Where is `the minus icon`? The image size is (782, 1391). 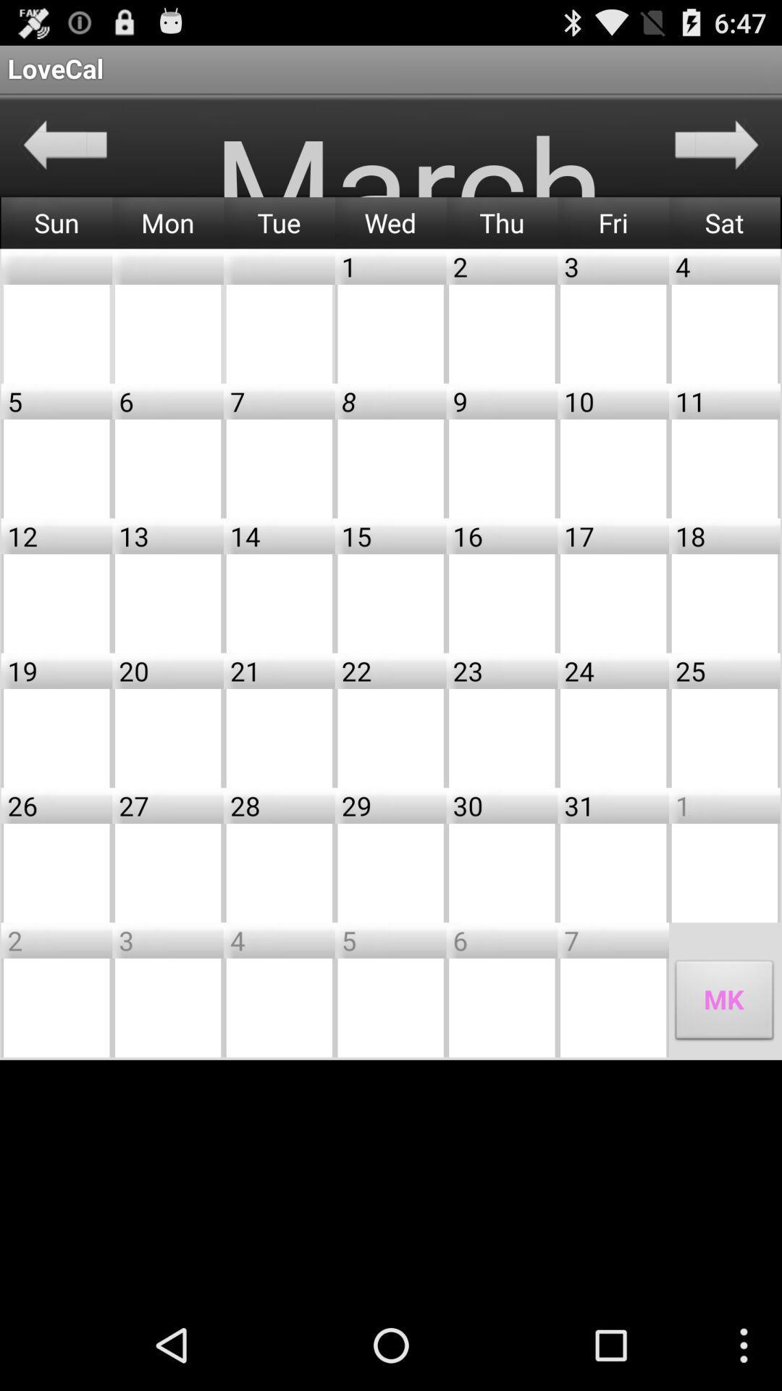
the minus icon is located at coordinates (501, 789).